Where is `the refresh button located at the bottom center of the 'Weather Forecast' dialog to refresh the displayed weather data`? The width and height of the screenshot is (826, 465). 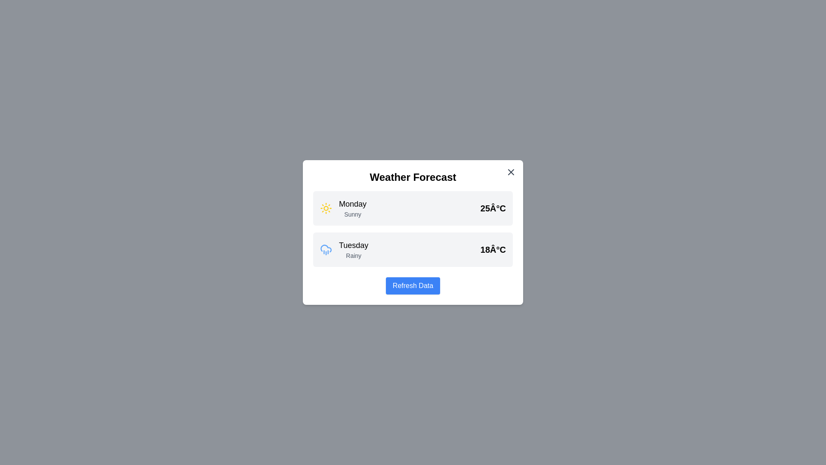 the refresh button located at the bottom center of the 'Weather Forecast' dialog to refresh the displayed weather data is located at coordinates (413, 285).